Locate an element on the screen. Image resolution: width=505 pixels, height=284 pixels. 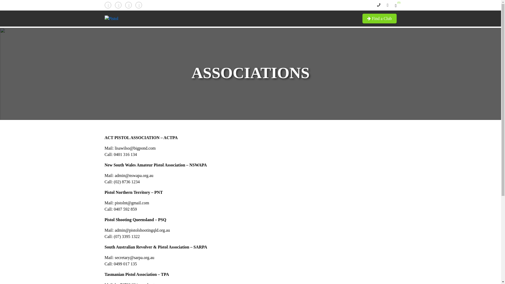
'(0)' is located at coordinates (396, 6).